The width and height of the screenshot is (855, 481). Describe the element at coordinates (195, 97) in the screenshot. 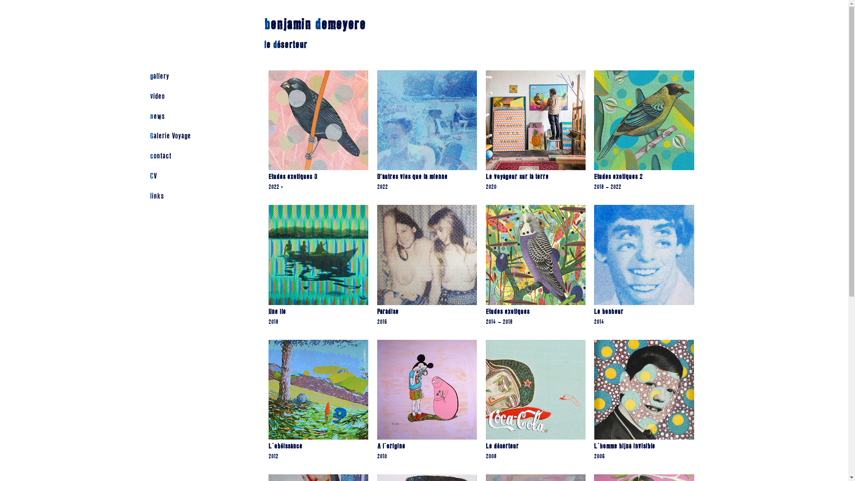

I see `'video'` at that location.